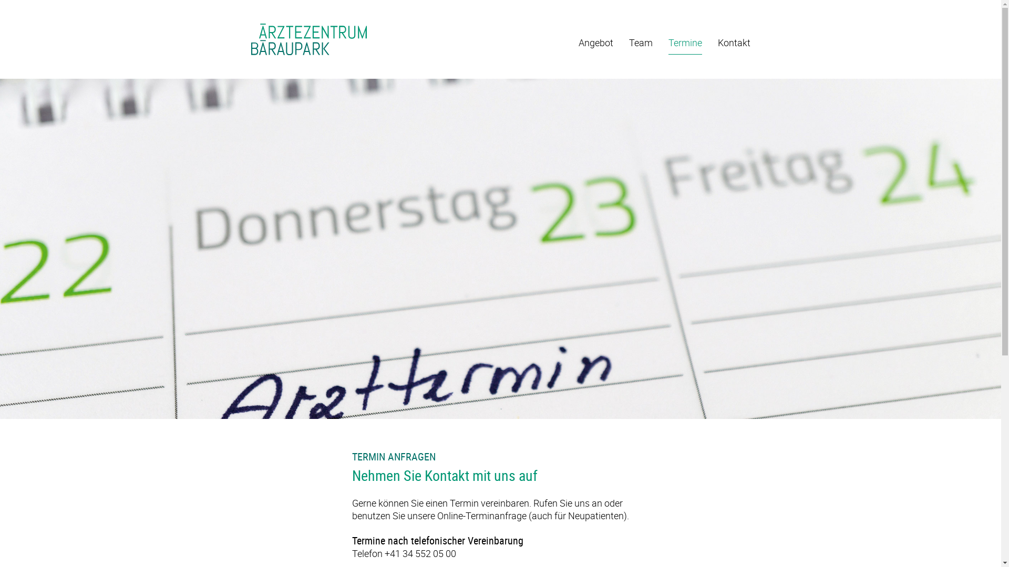 The height and width of the screenshot is (567, 1009). What do you see at coordinates (733, 45) in the screenshot?
I see `'Kontakt'` at bounding box center [733, 45].